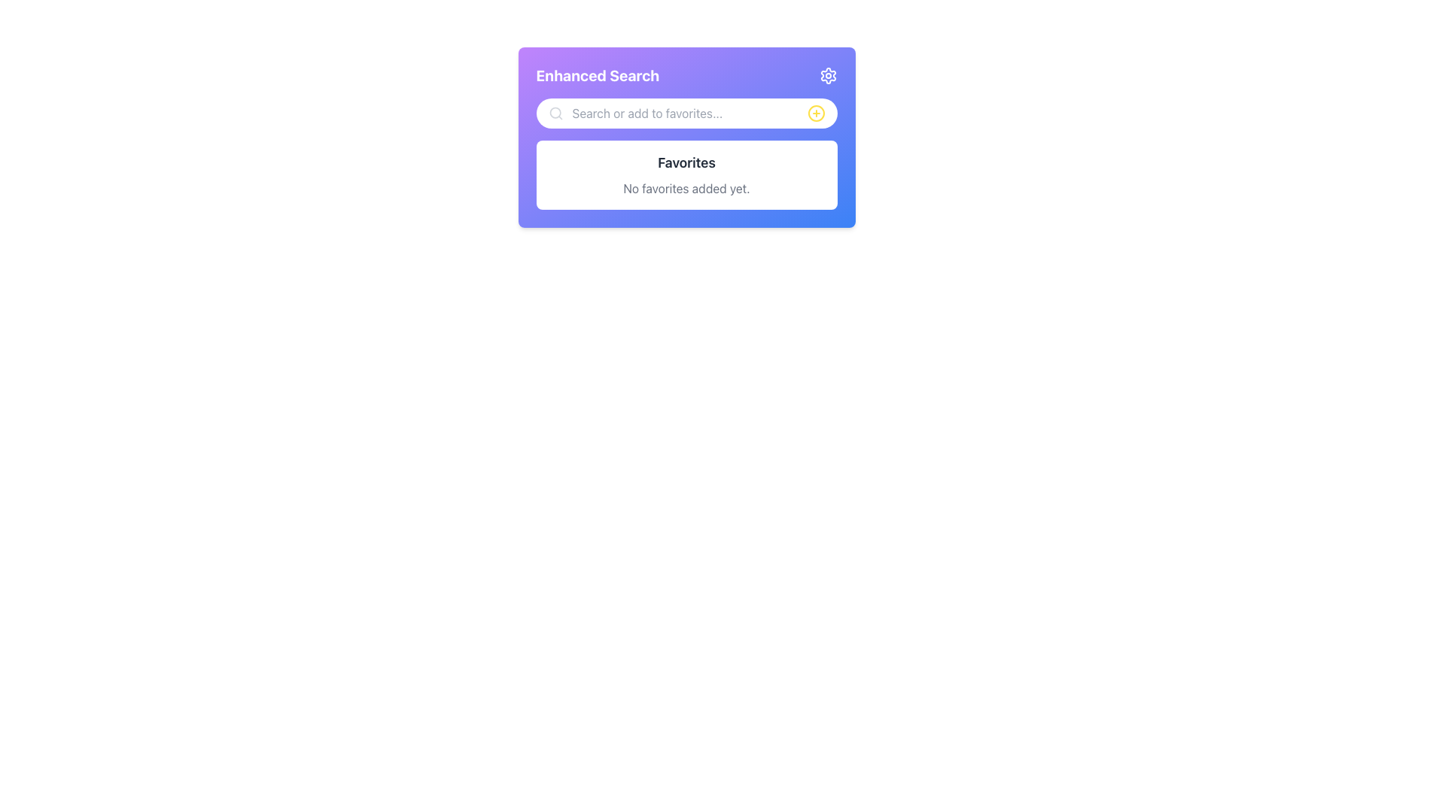 Image resolution: width=1445 pixels, height=812 pixels. What do you see at coordinates (597, 75) in the screenshot?
I see `the text label that reads 'Enhanced Search', which is displayed in a bold and large font with a white color over a gradient background` at bounding box center [597, 75].